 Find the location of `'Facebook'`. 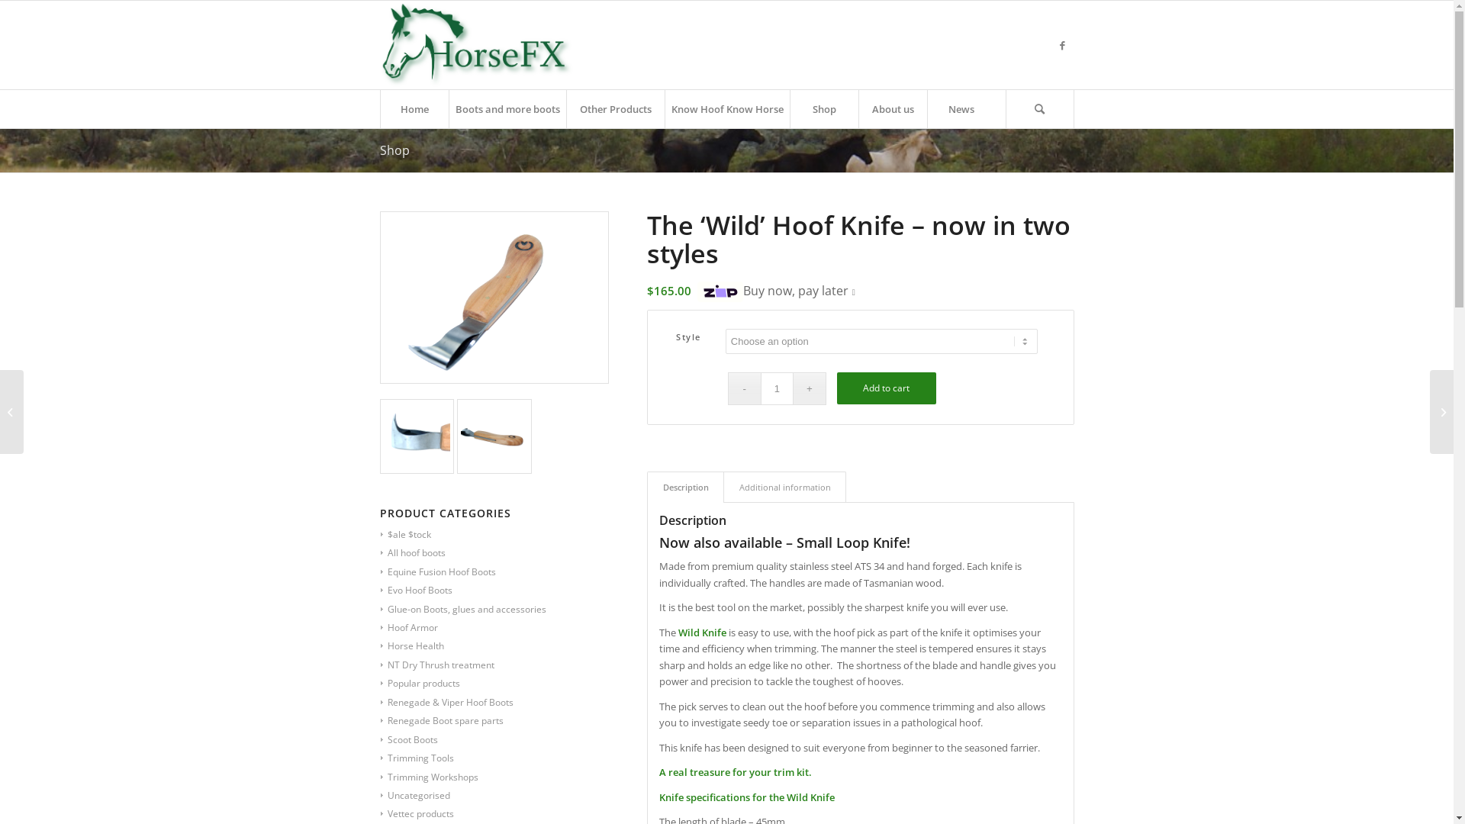

'Facebook' is located at coordinates (1061, 43).